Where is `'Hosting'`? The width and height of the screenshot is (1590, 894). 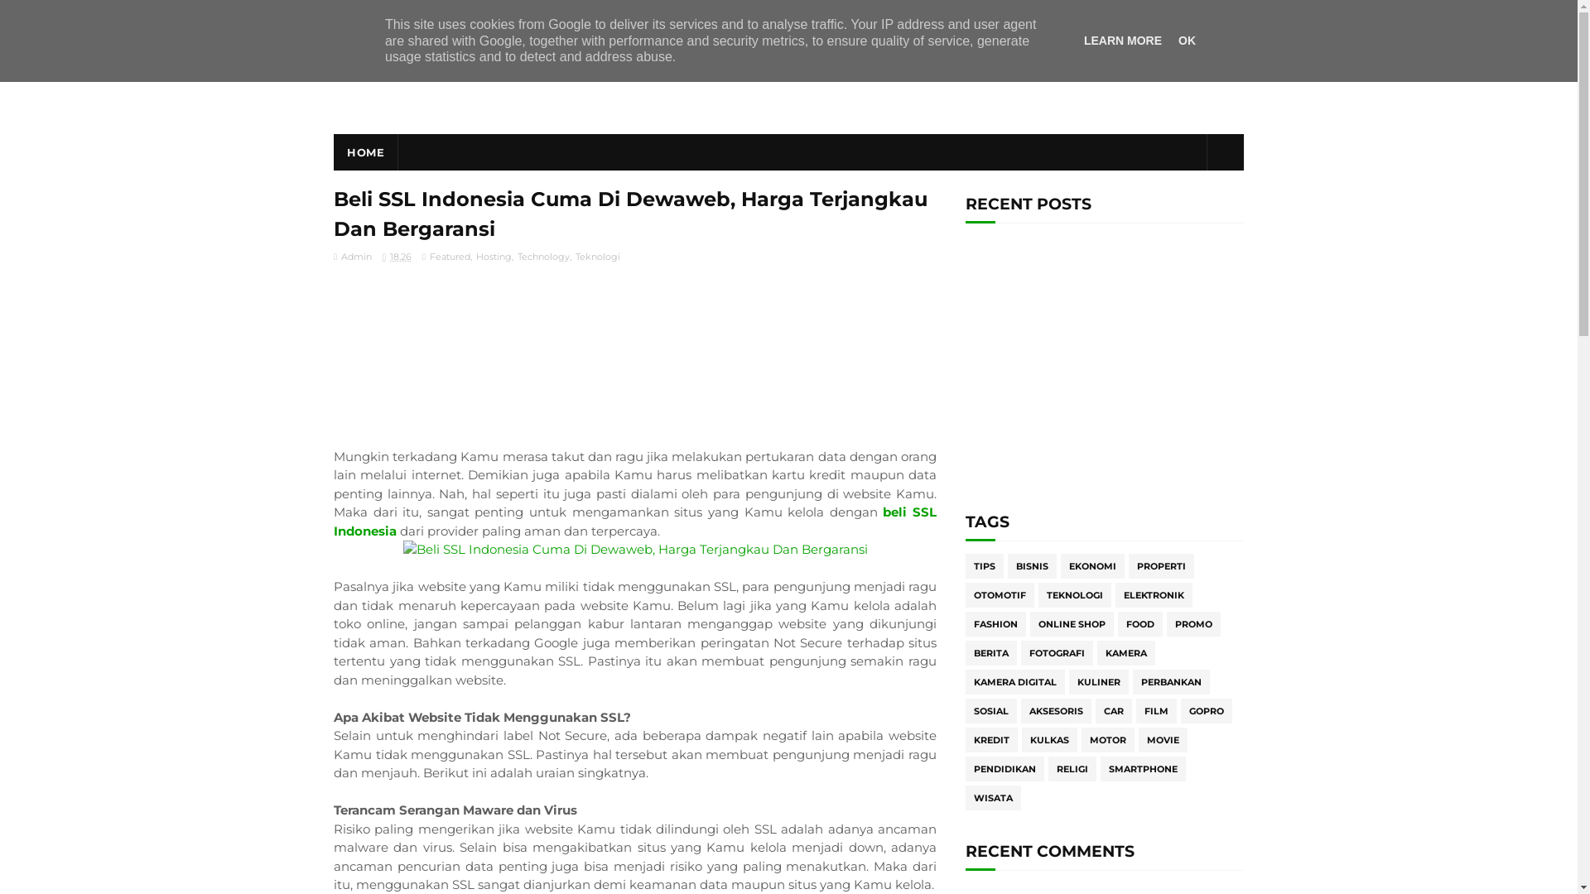 'Hosting' is located at coordinates (492, 256).